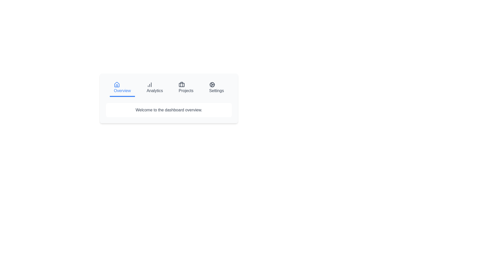 The image size is (488, 274). What do you see at coordinates (122, 88) in the screenshot?
I see `the Overview tab to activate it` at bounding box center [122, 88].